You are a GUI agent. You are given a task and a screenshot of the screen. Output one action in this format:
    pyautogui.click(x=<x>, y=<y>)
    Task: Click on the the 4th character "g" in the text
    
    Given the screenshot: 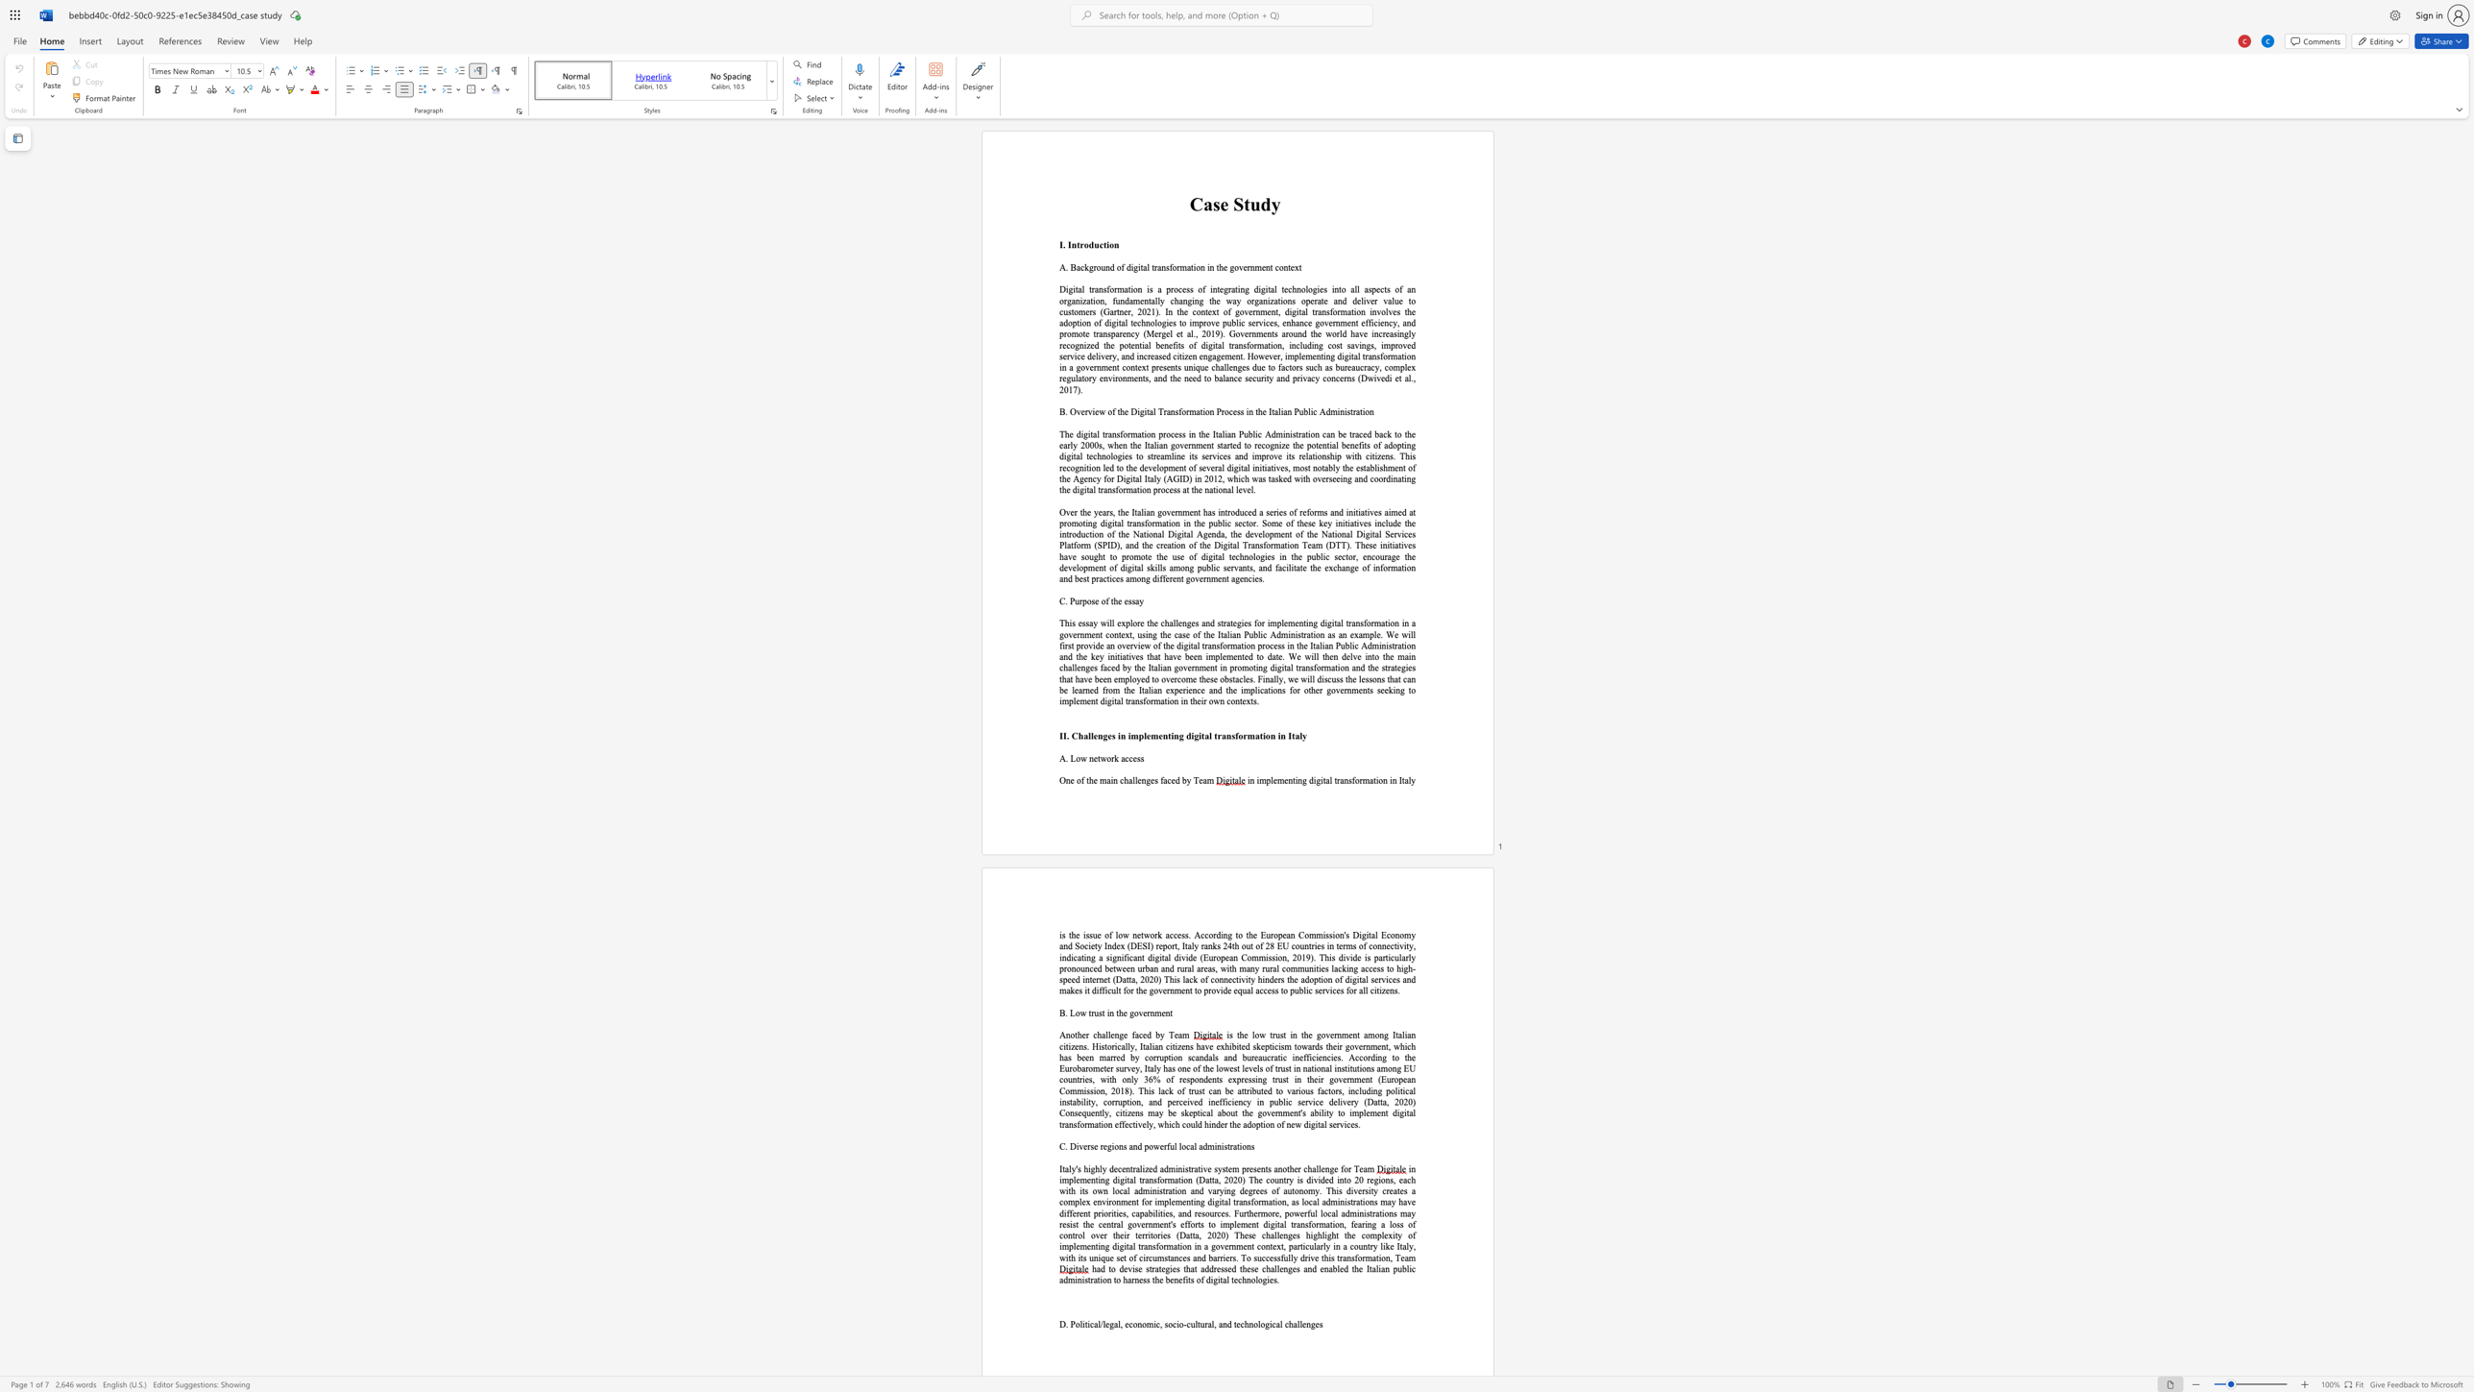 What is the action you would take?
    pyautogui.click(x=1178, y=533)
    